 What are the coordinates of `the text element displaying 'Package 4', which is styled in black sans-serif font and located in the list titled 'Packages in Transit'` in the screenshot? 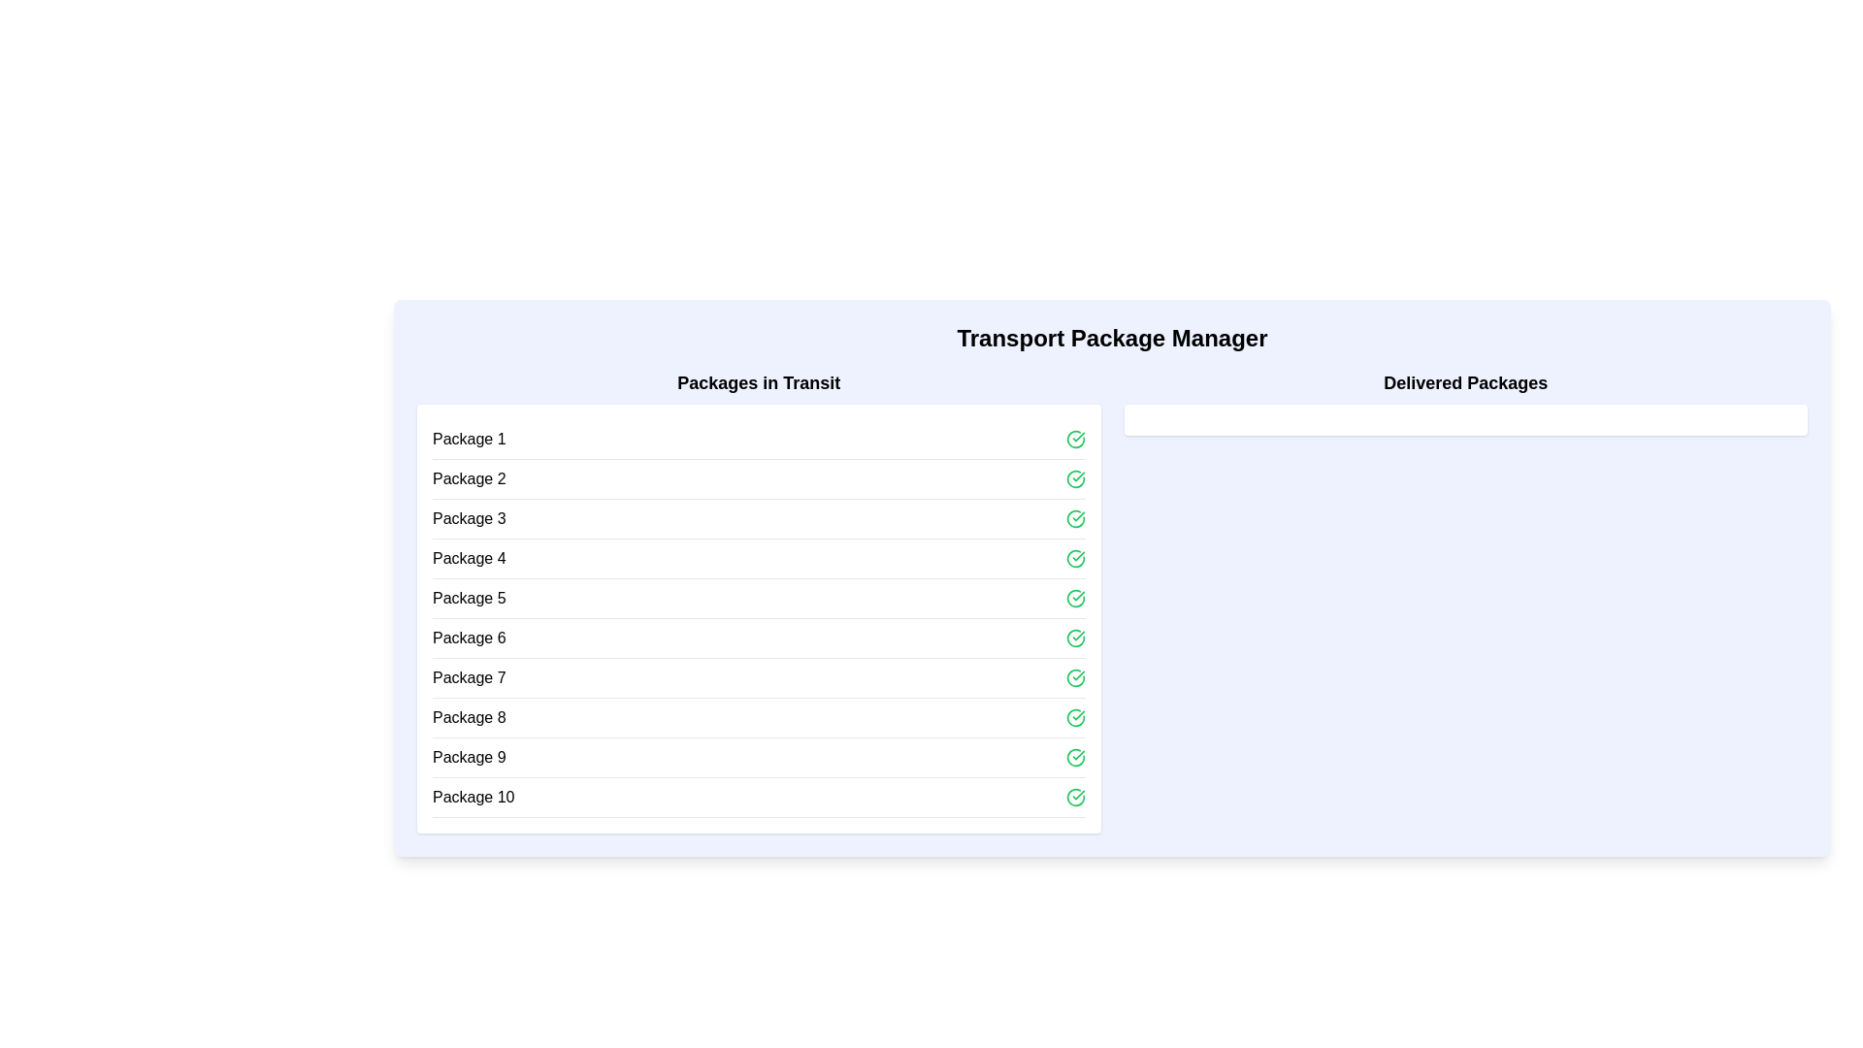 It's located at (469, 558).